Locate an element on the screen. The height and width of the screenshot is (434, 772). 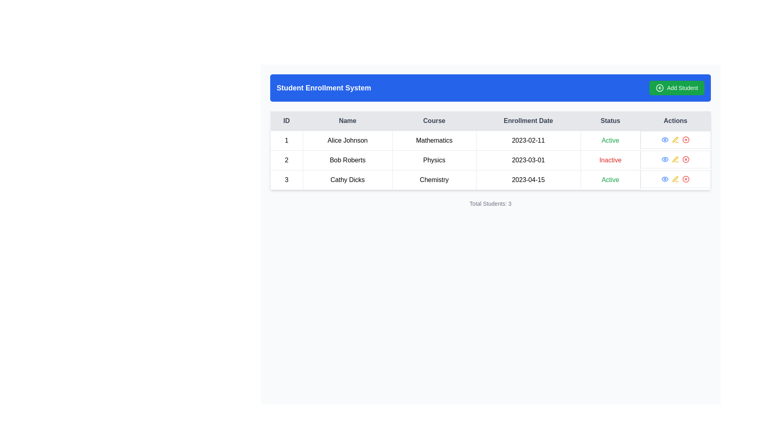
the header label for the 'Enrollment Date' column, which is the fourth item in the table header row, positioned between 'Course' and 'Status' is located at coordinates (528, 121).